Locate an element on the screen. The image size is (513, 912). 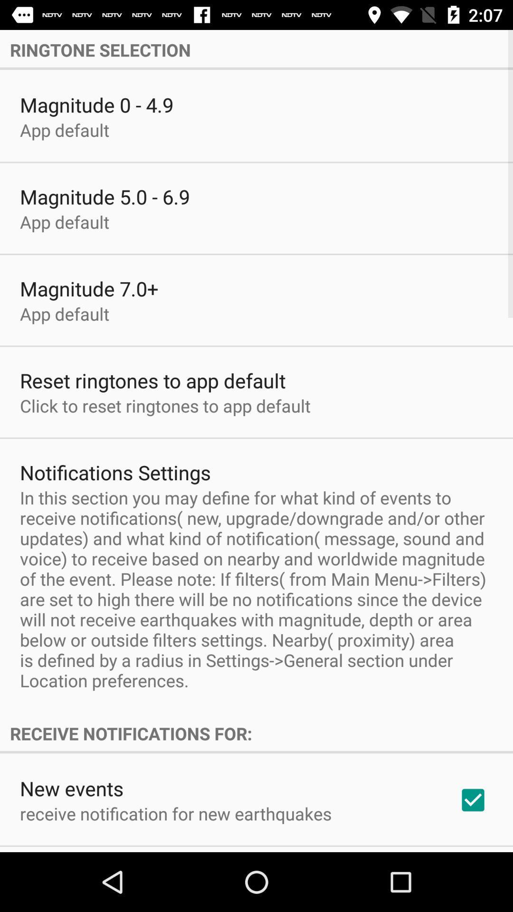
the ringtone selection icon is located at coordinates (256, 49).